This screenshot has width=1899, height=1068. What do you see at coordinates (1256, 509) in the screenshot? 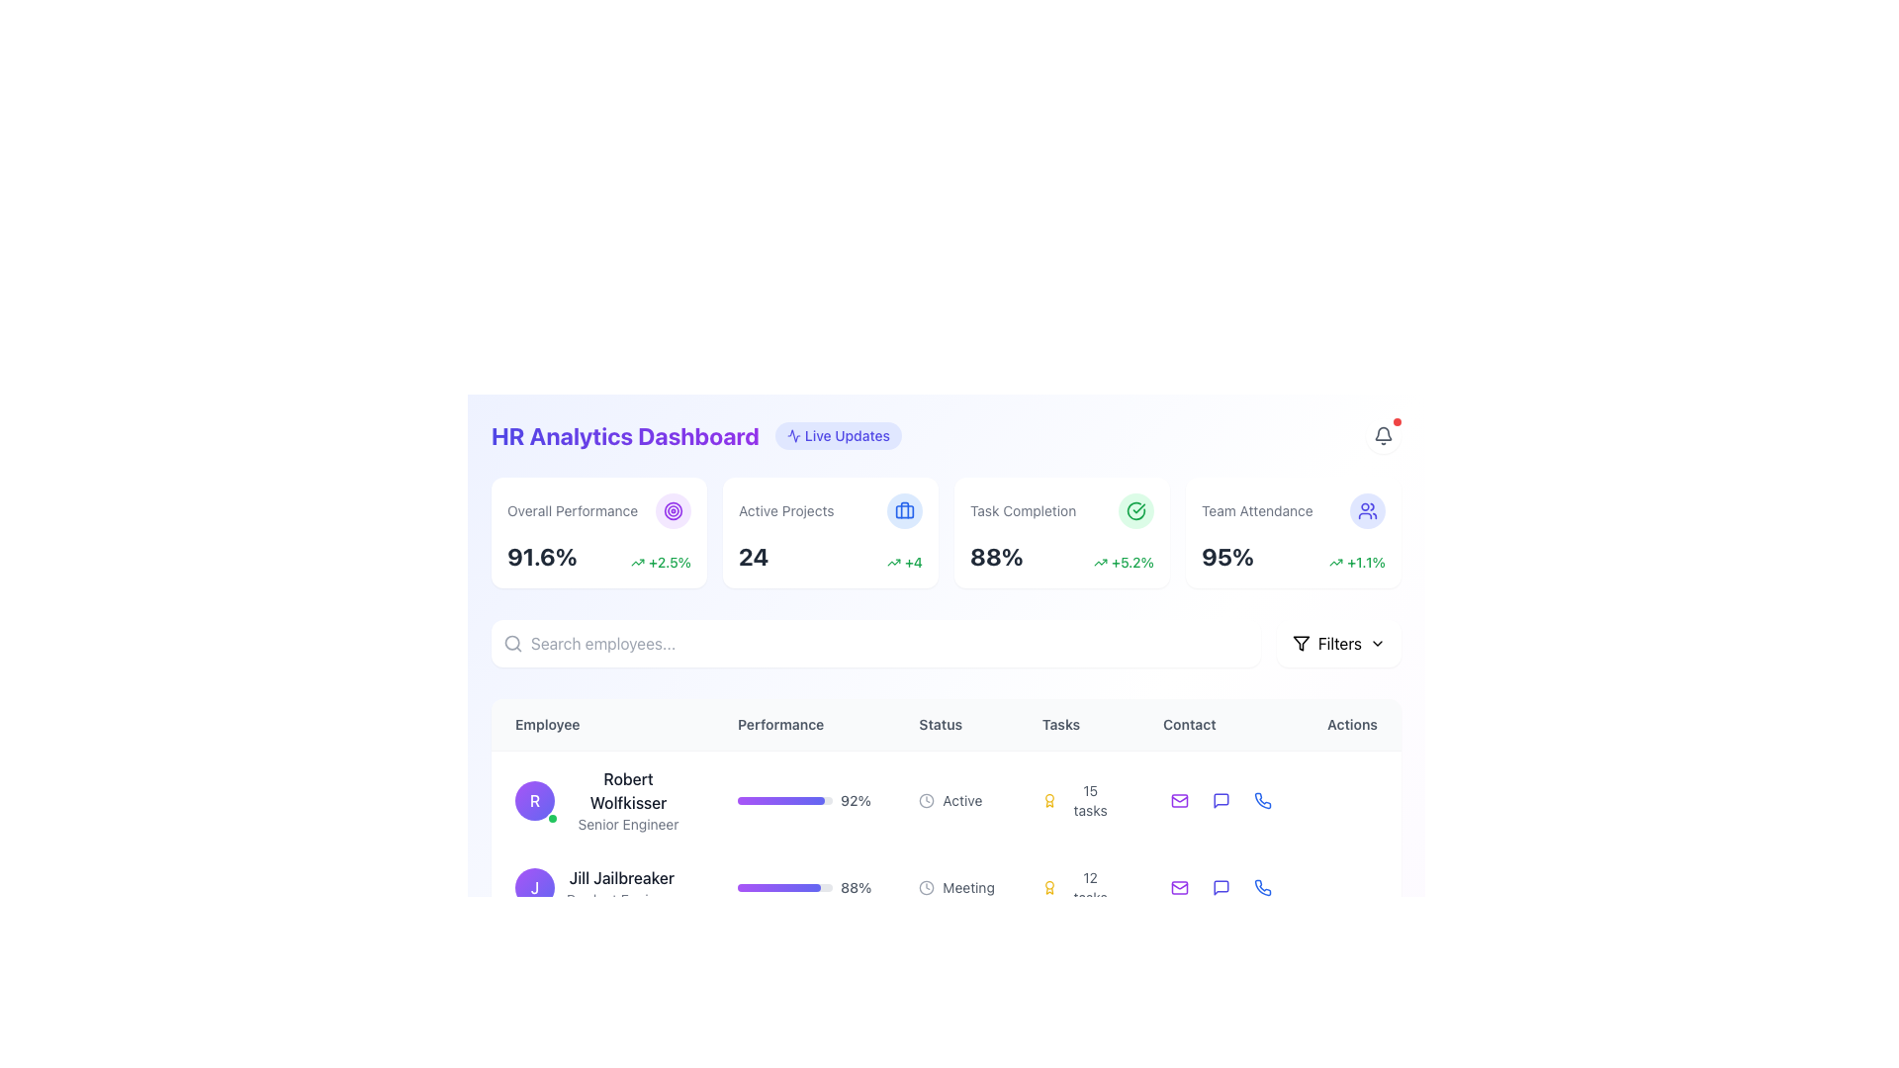
I see `the 'Team Attendance' text label located at the top-right of the dashboard, immediately to the left of a rounded icon with a purple background` at bounding box center [1256, 509].